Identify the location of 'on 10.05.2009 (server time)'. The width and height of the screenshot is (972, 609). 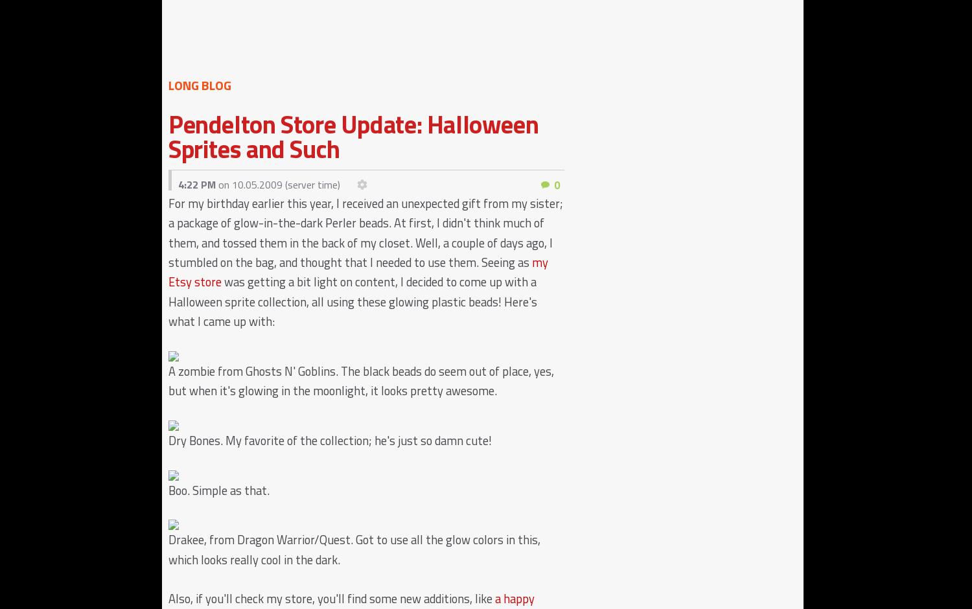
(277, 184).